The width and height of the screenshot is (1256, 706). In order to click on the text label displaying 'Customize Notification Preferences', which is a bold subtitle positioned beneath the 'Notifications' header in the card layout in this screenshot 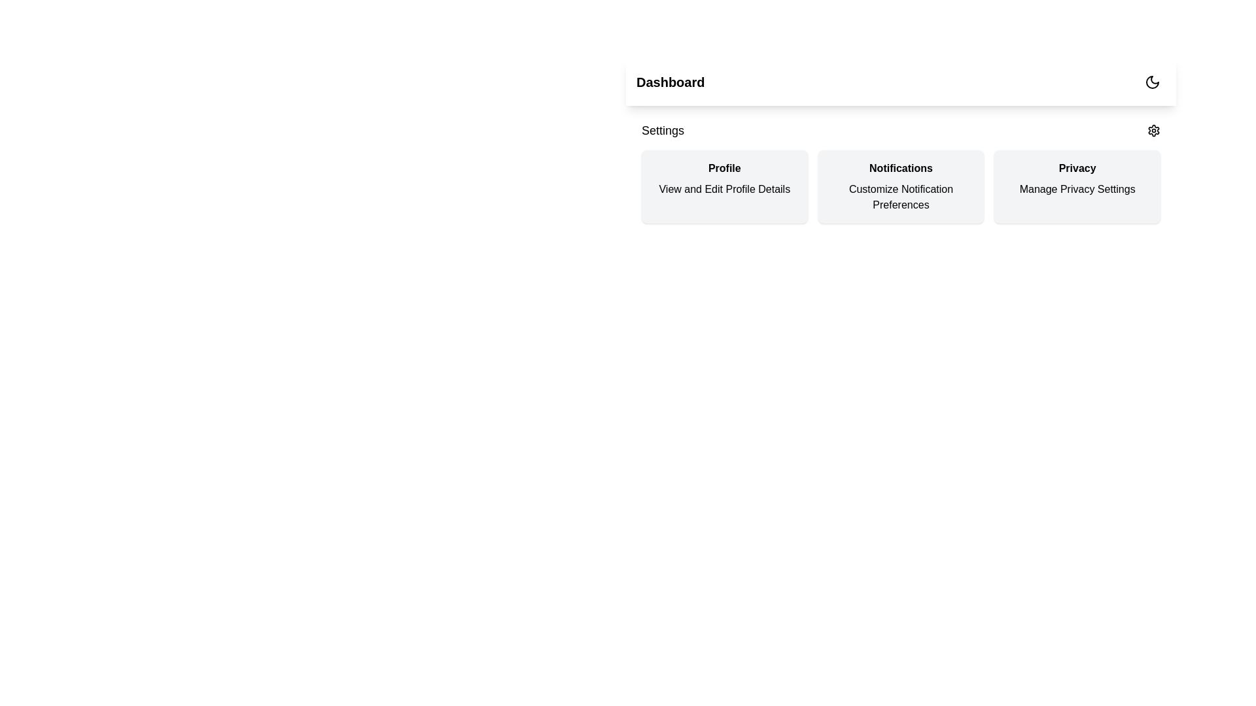, I will do `click(900, 197)`.